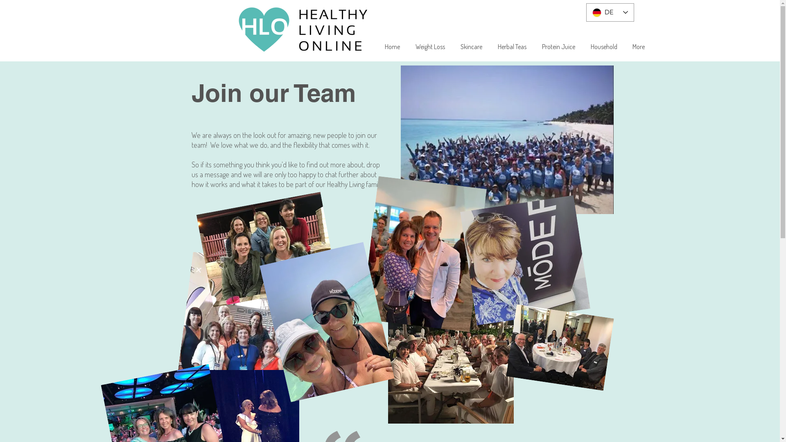  I want to click on 'Household', so click(603, 47).